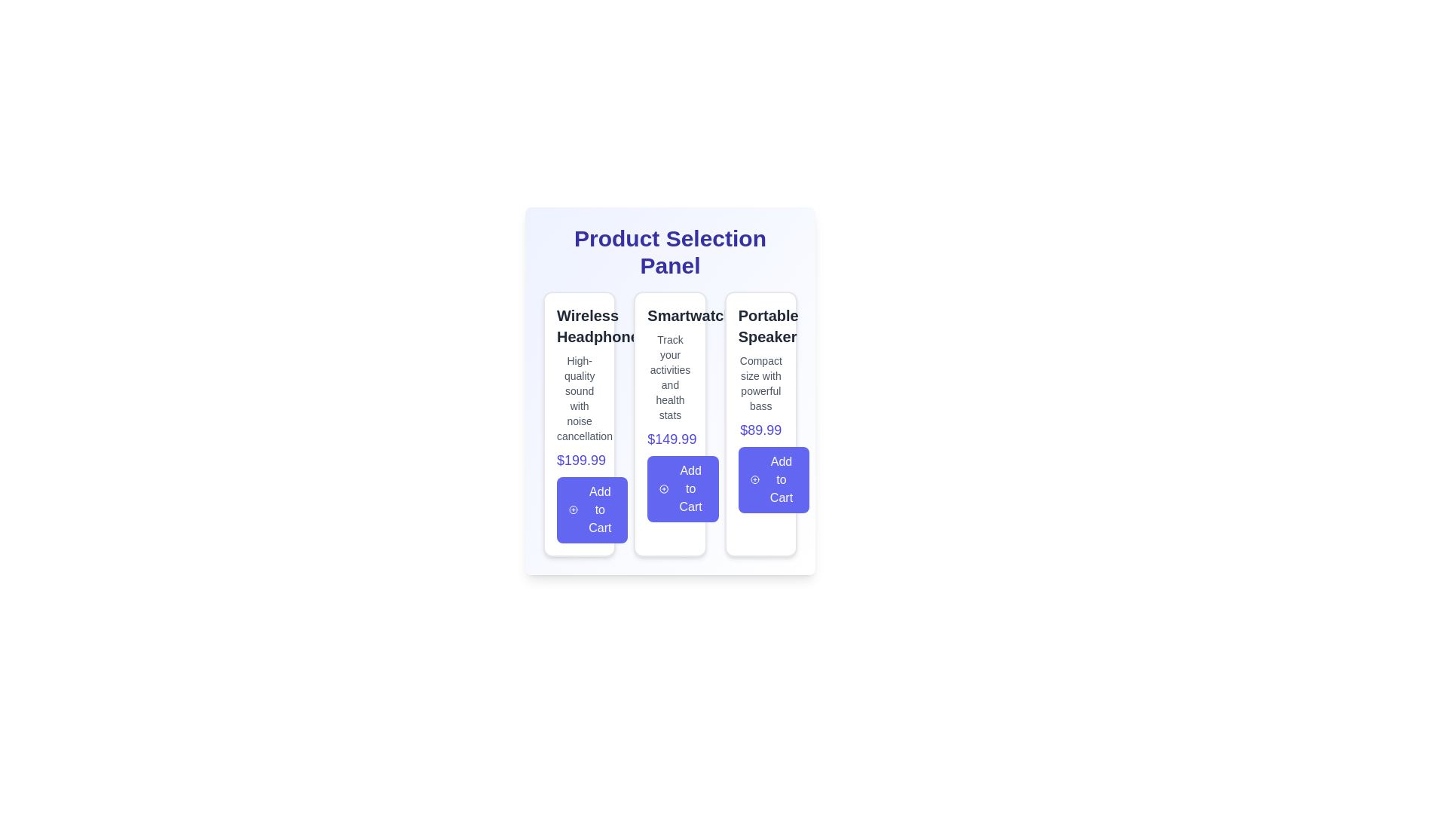 This screenshot has width=1447, height=814. Describe the element at coordinates (592, 510) in the screenshot. I see `the 'Add to Cart' button, which is a vibrant blue button with white text and a plus icon, located at the bottom of the product card for 'Wireless Headphones.'` at that location.